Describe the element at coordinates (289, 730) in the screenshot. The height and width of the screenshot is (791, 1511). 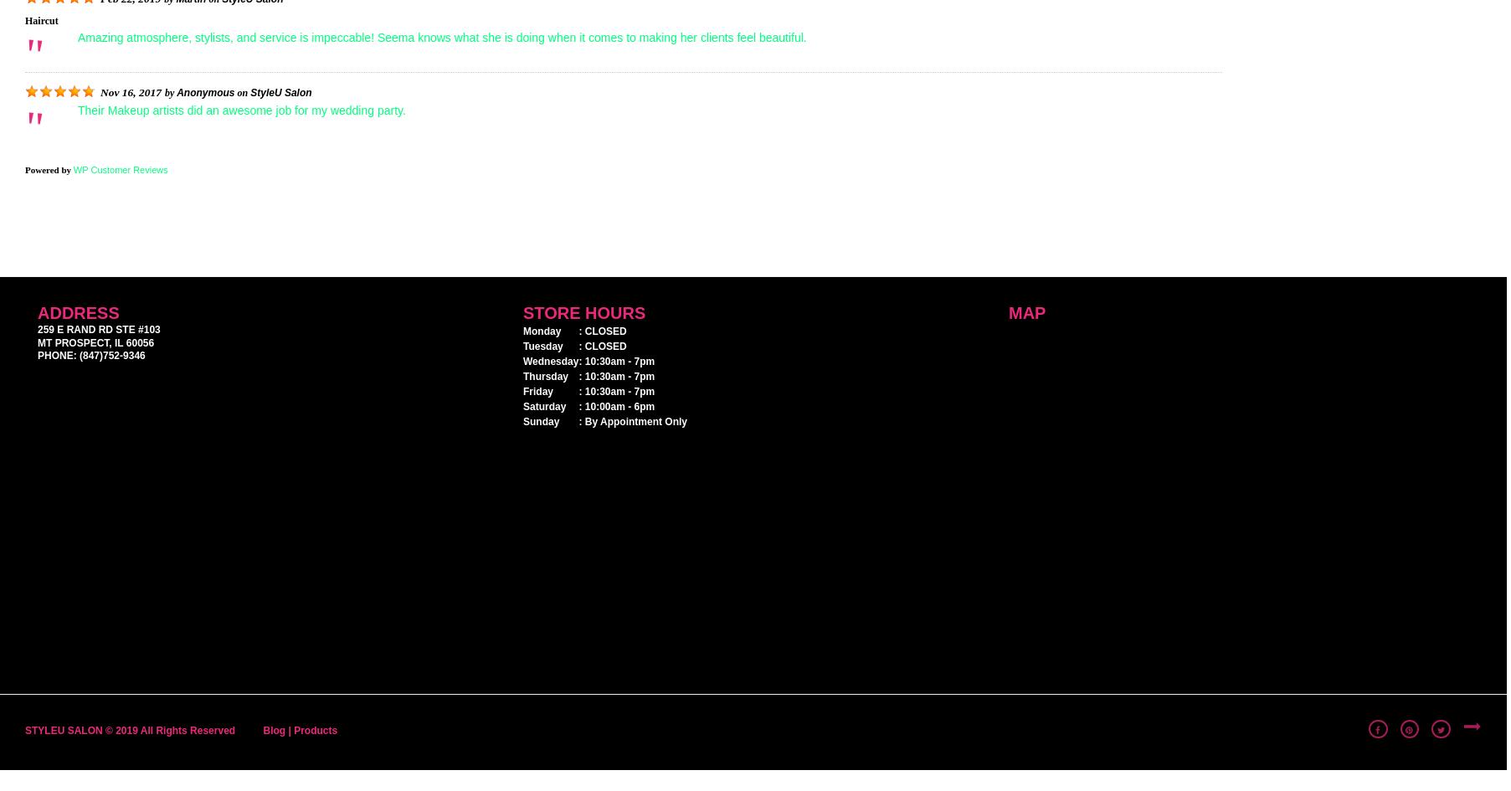
I see `'|'` at that location.